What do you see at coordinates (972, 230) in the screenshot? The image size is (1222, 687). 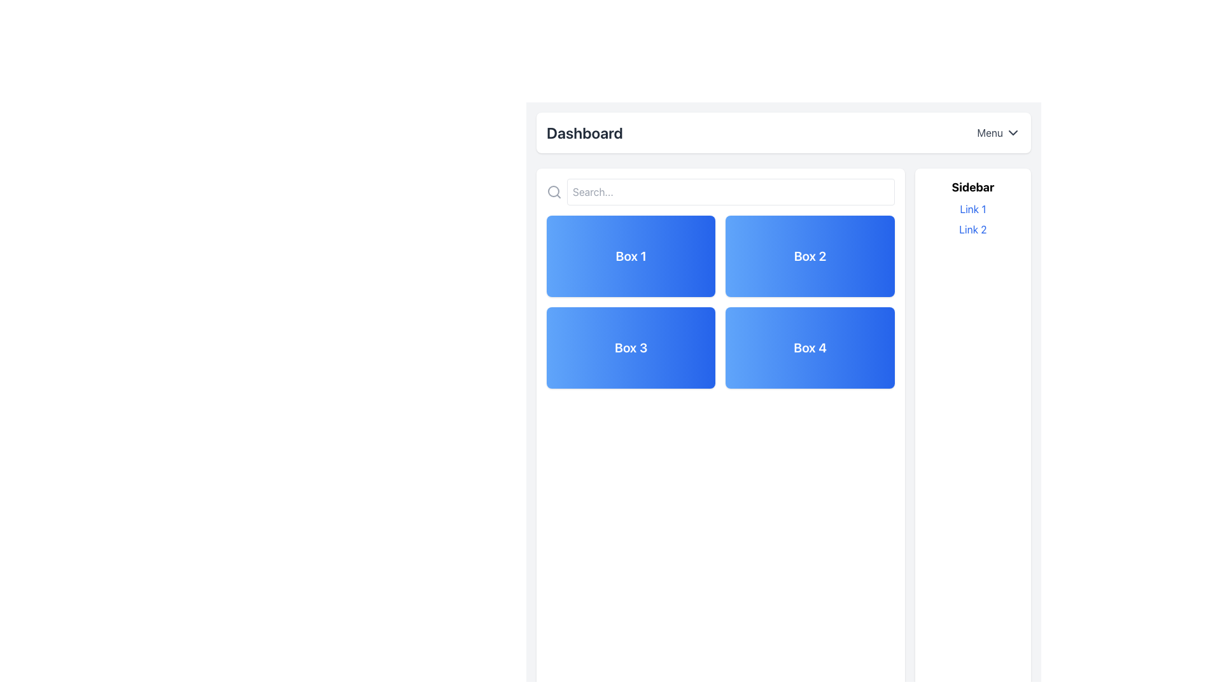 I see `the second hyperlink` at bounding box center [972, 230].